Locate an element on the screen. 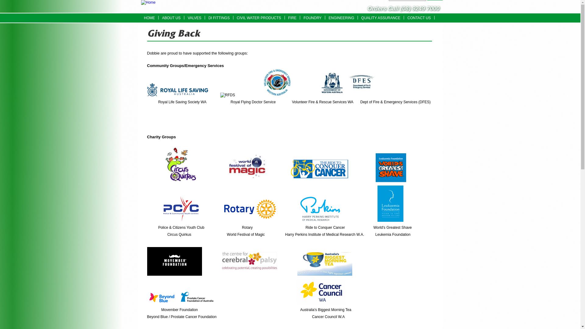  'Greatest Shave' is located at coordinates (391, 168).